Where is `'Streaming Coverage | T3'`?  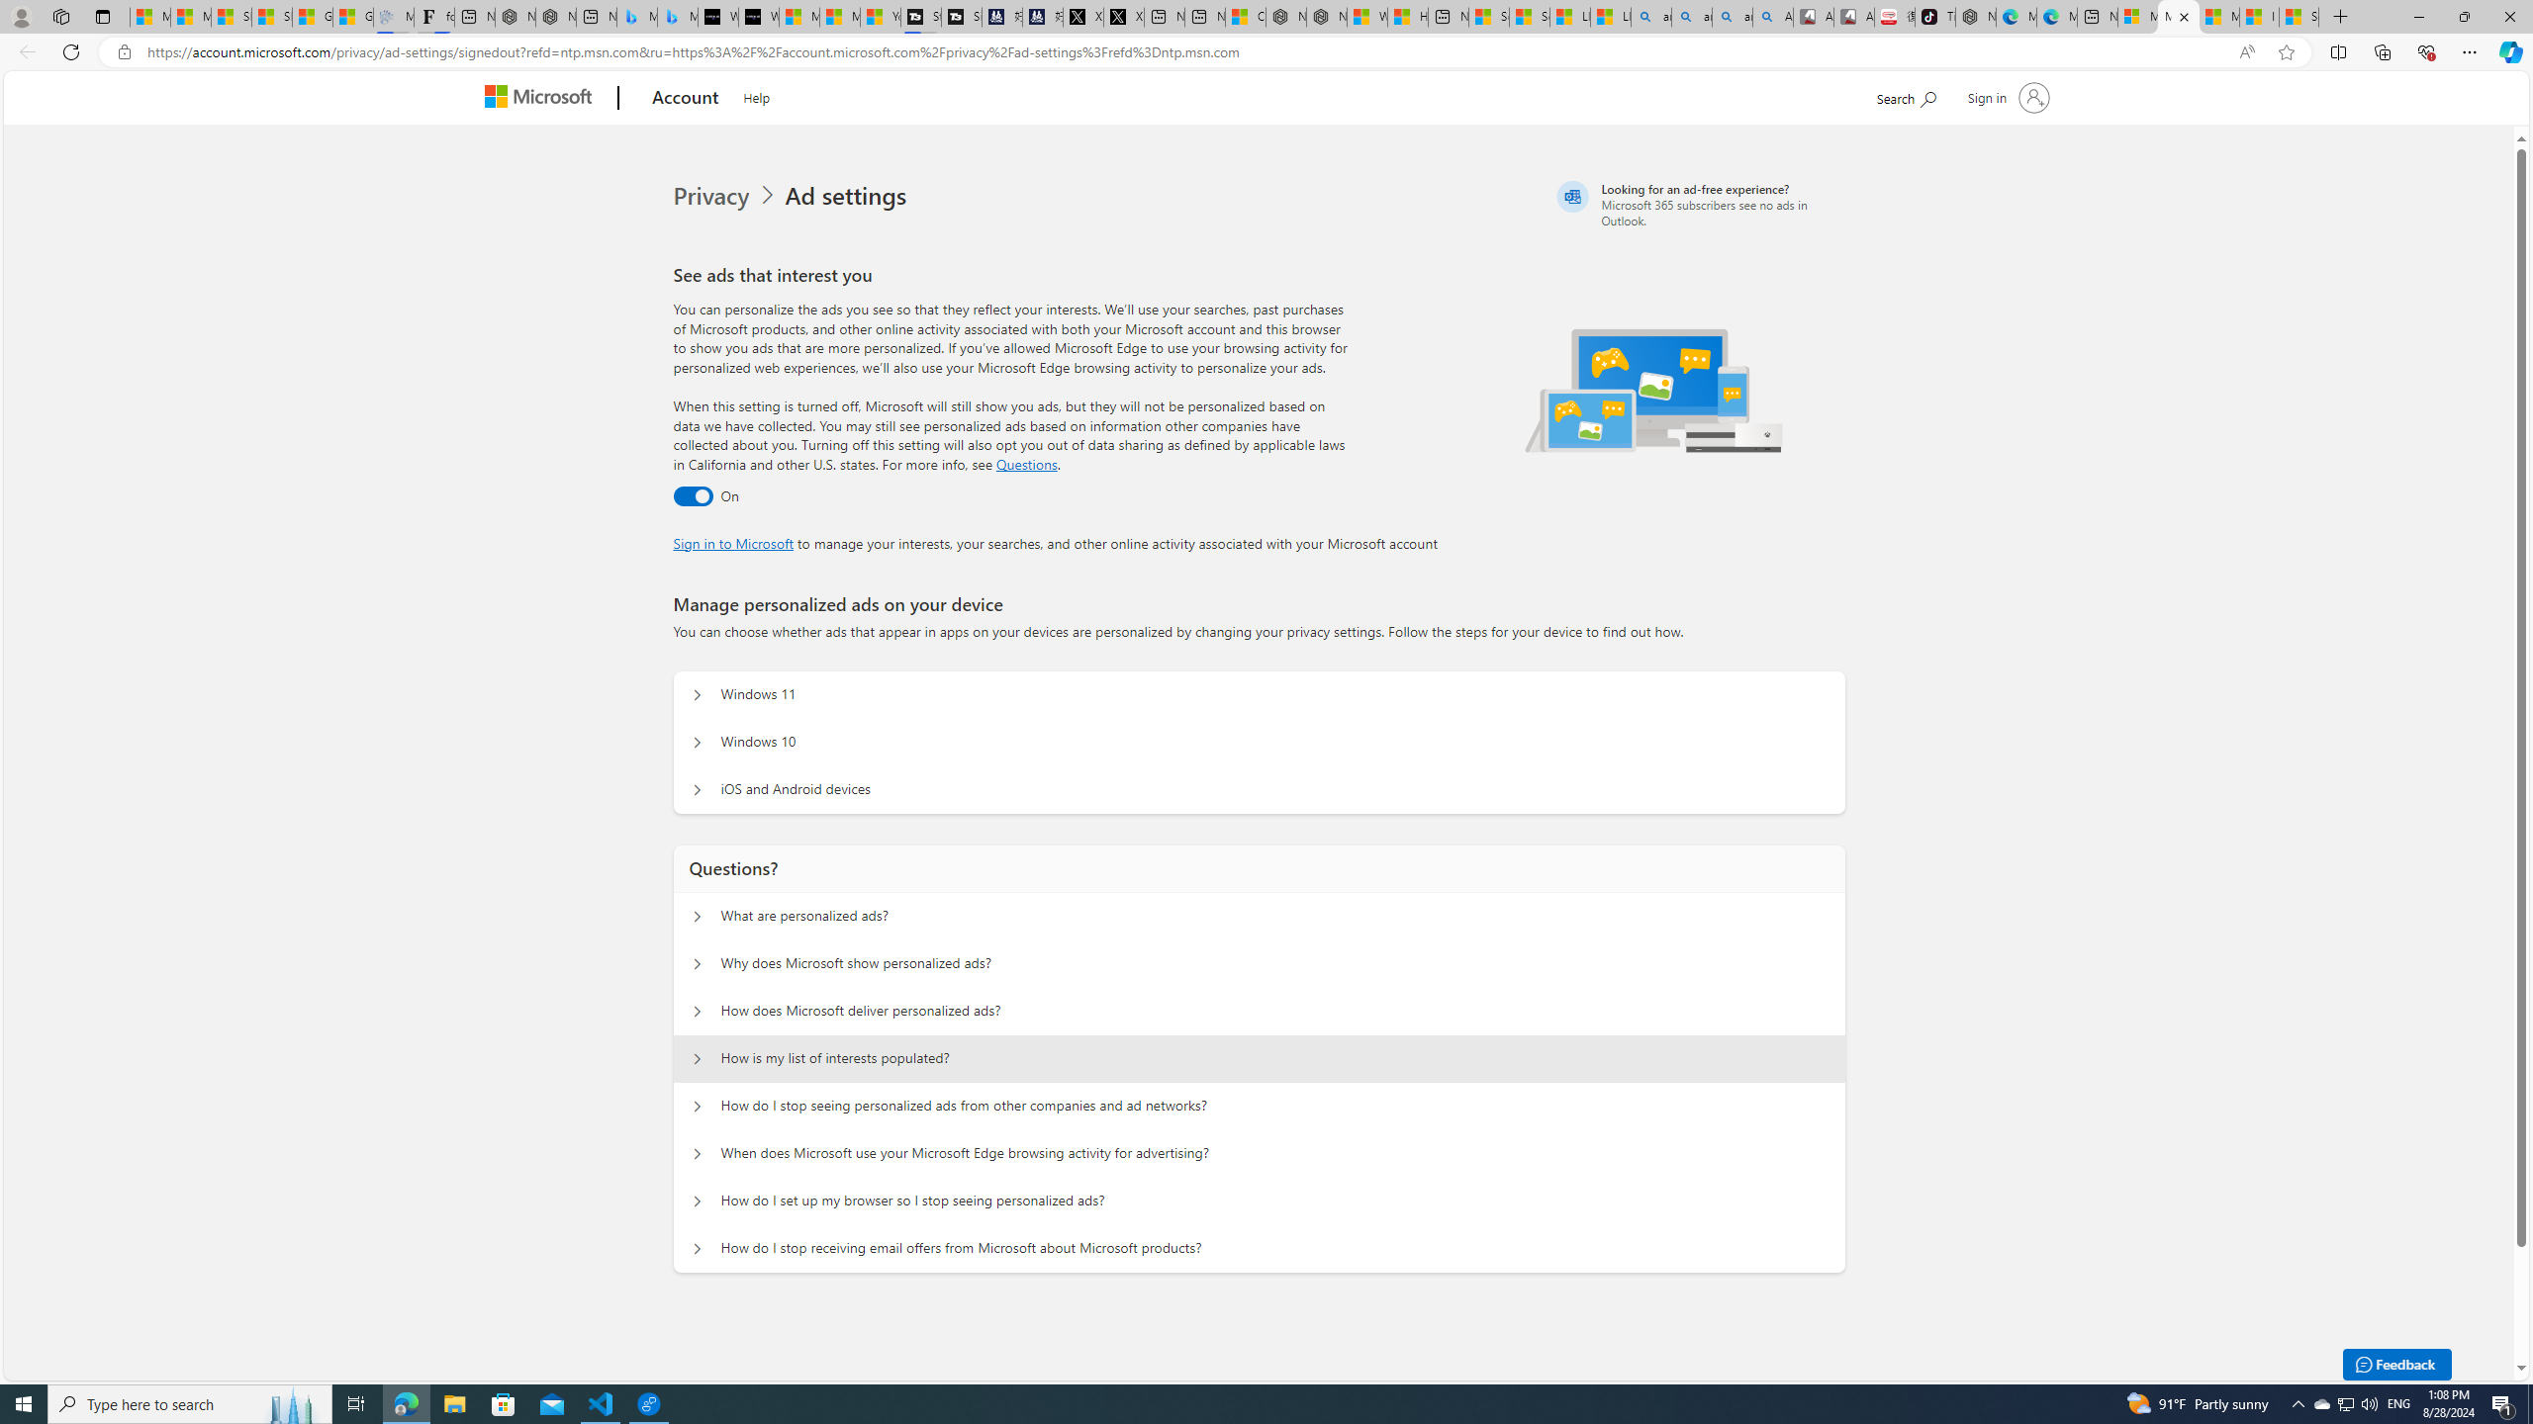 'Streaming Coverage | T3' is located at coordinates (919, 16).